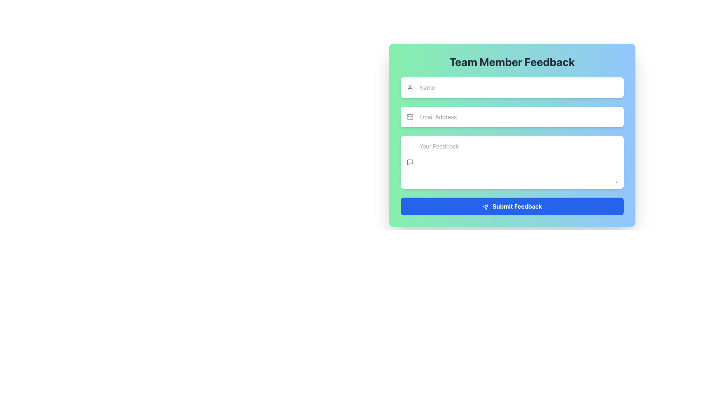 The width and height of the screenshot is (704, 396). I want to click on the graphical background element of the email icon, which serves as a visual cue in the feedback form, so click(410, 117).